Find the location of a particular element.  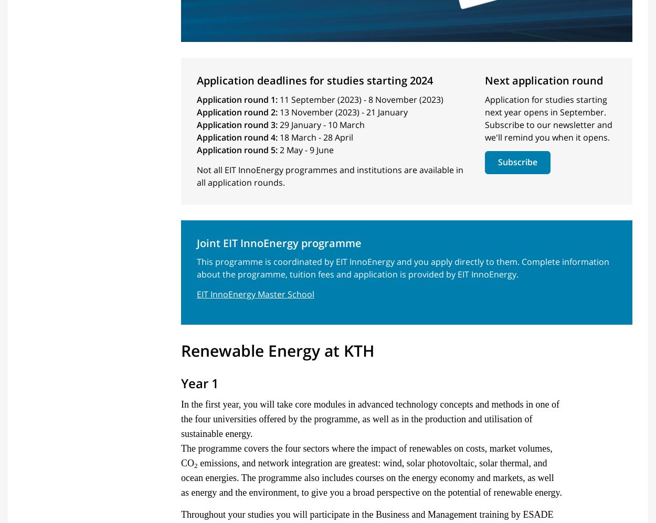

'Introduction' is located at coordinates (206, 78).